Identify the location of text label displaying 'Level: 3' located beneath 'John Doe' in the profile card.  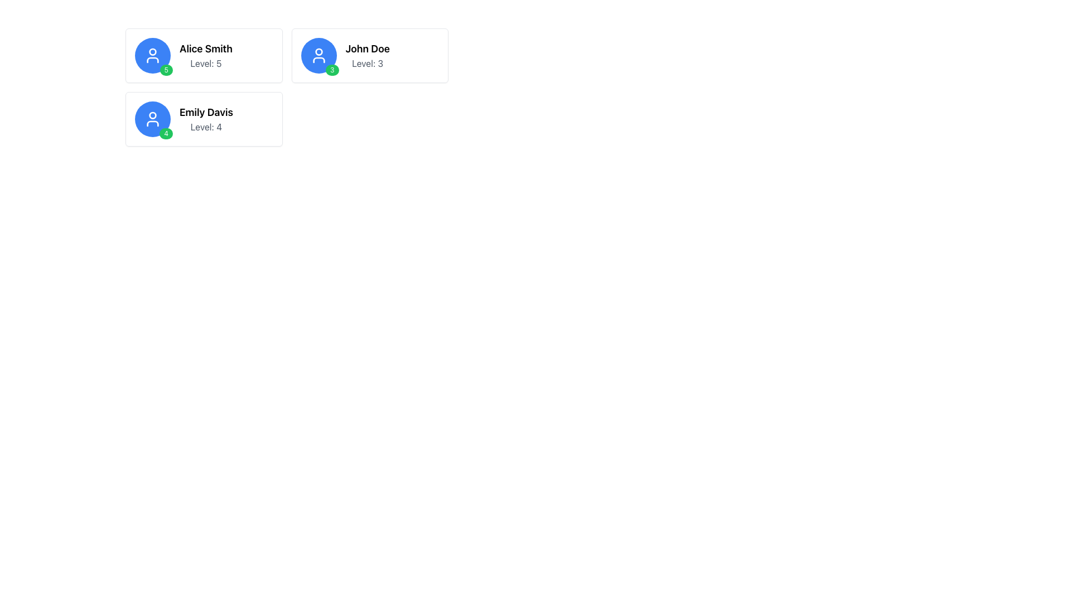
(368, 64).